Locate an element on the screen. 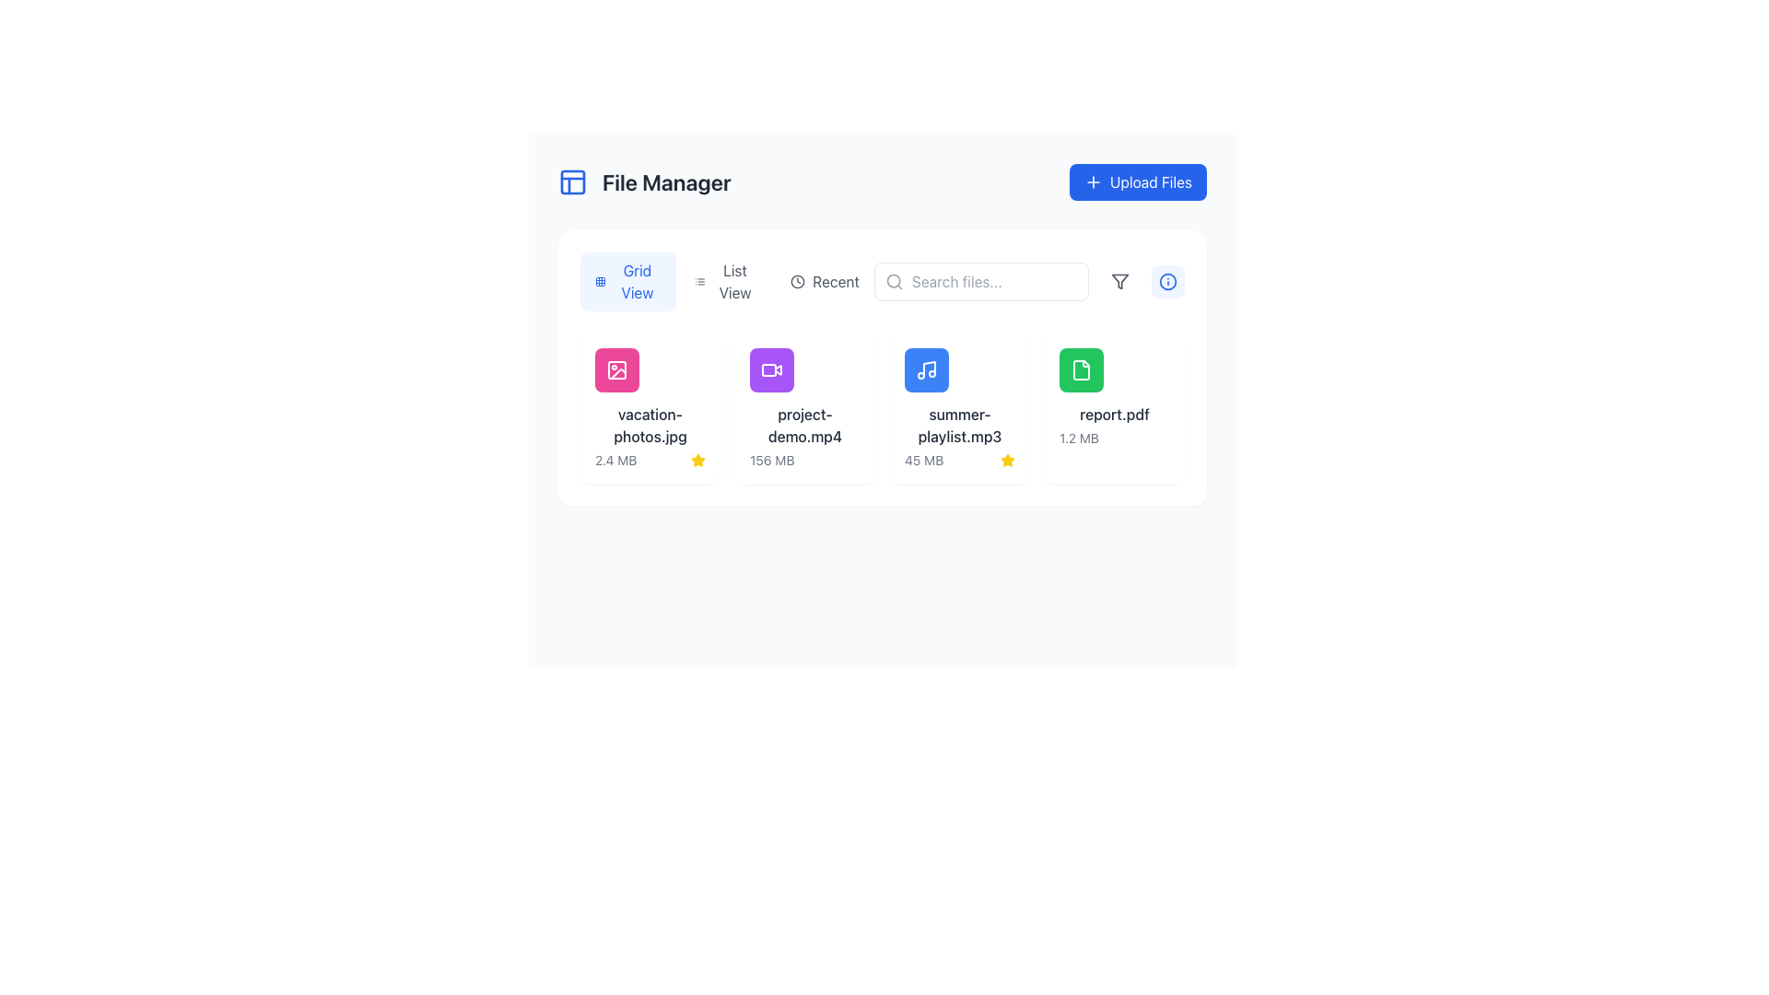 The width and height of the screenshot is (1769, 995). the gray funnel icon located to the right of the search bar is located at coordinates (1119, 281).